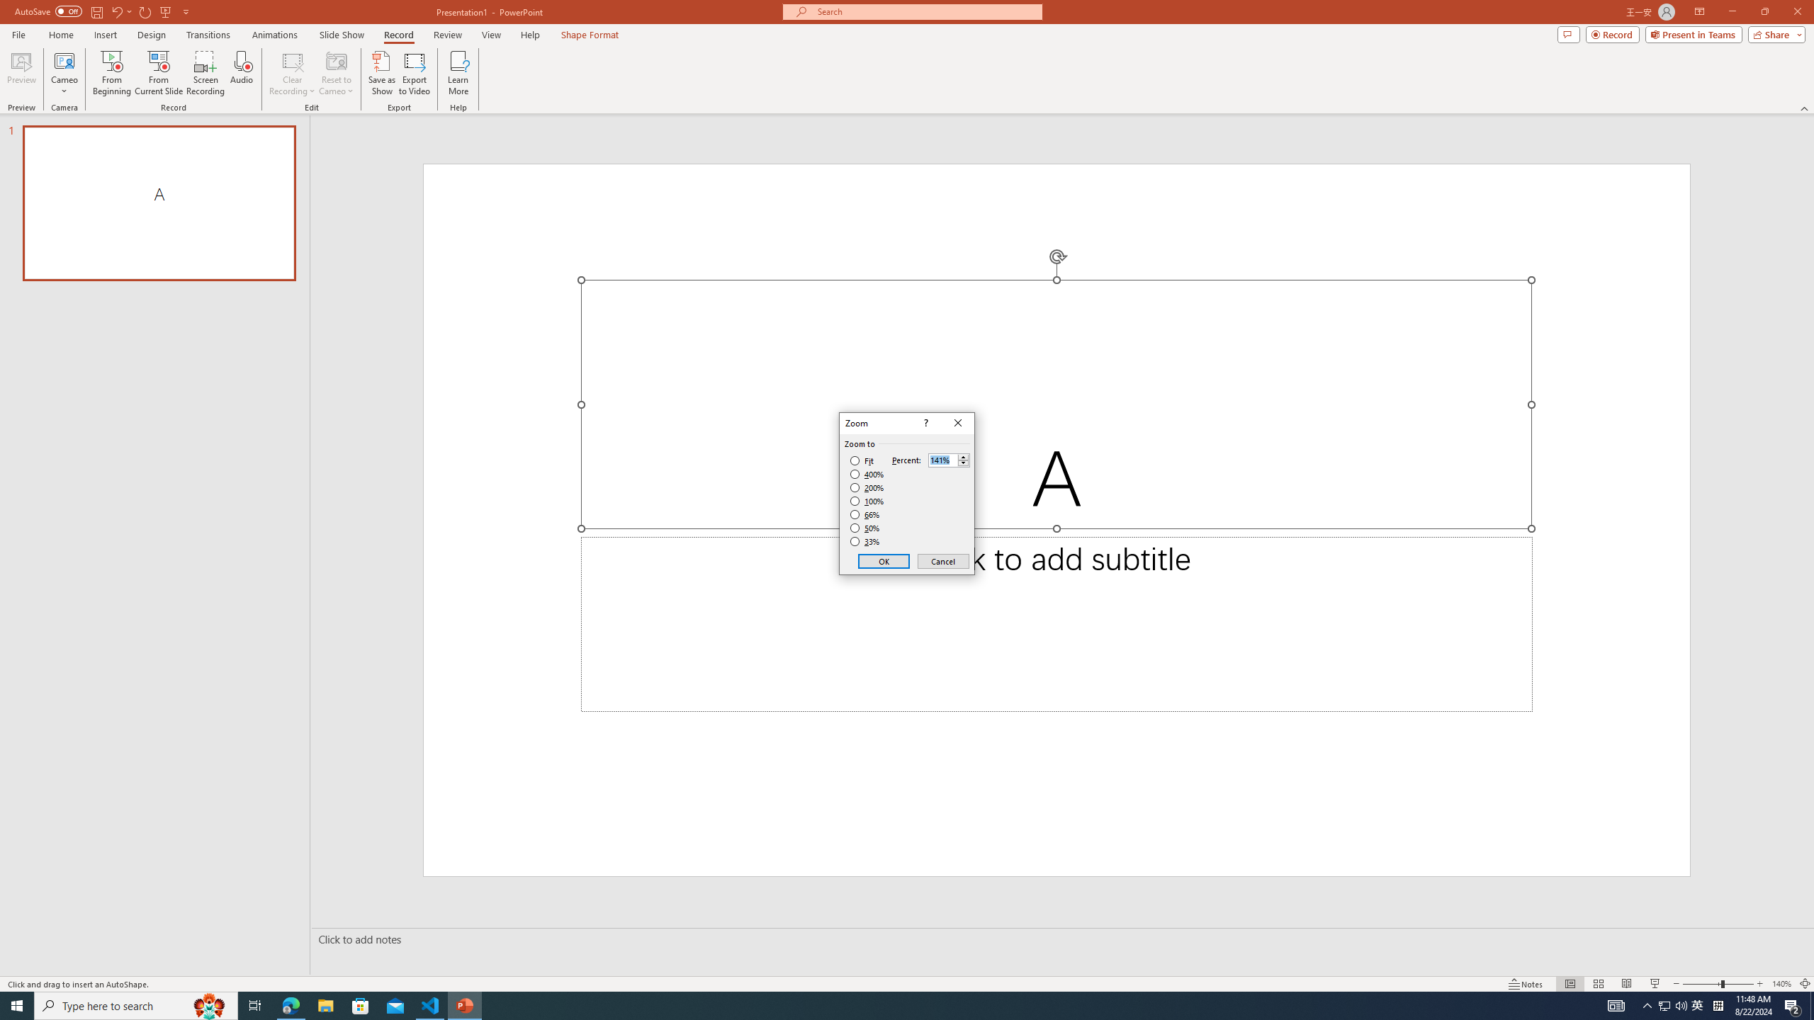  What do you see at coordinates (866, 527) in the screenshot?
I see `'50%'` at bounding box center [866, 527].